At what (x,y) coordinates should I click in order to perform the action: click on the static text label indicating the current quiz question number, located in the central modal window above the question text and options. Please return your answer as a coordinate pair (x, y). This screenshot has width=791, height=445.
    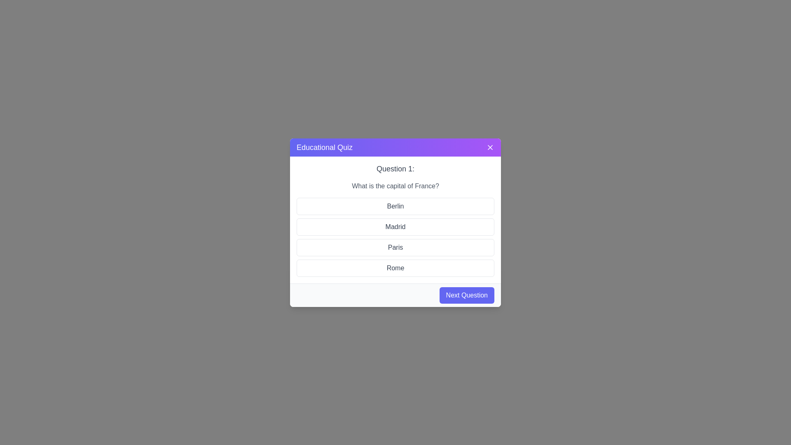
    Looking at the image, I should click on (395, 168).